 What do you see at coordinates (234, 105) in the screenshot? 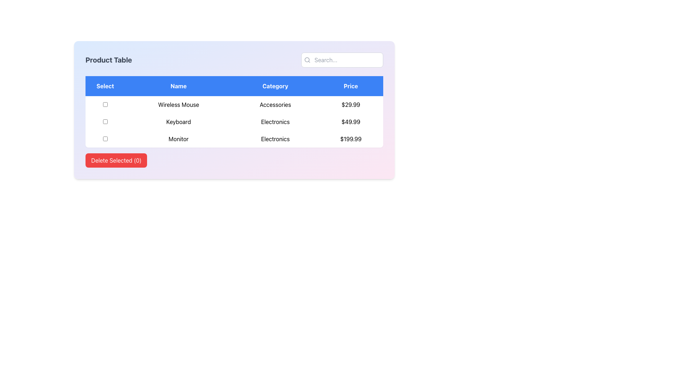
I see `the product entry in the first row of the table that includes information about its name, category, and price` at bounding box center [234, 105].